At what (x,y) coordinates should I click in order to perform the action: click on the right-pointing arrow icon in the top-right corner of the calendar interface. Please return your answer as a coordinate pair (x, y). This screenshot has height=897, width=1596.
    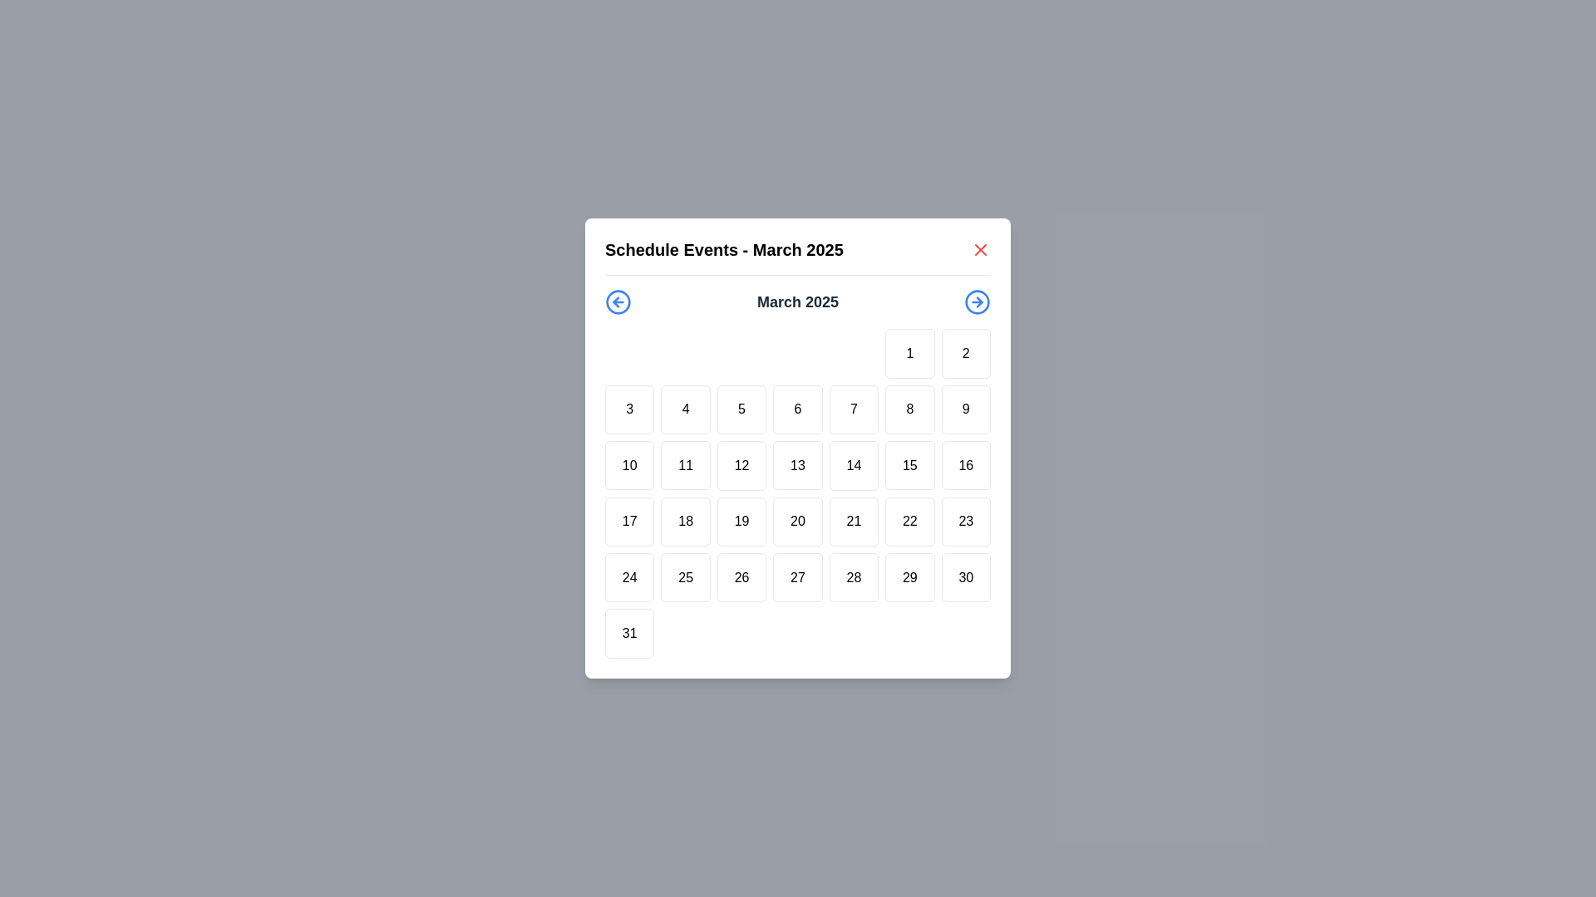
    Looking at the image, I should click on (978, 301).